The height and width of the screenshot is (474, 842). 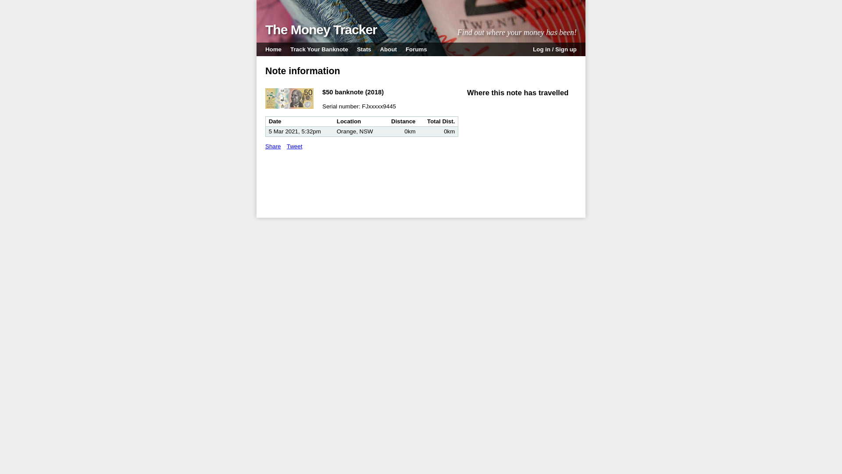 I want to click on 'Tweet', so click(x=295, y=146).